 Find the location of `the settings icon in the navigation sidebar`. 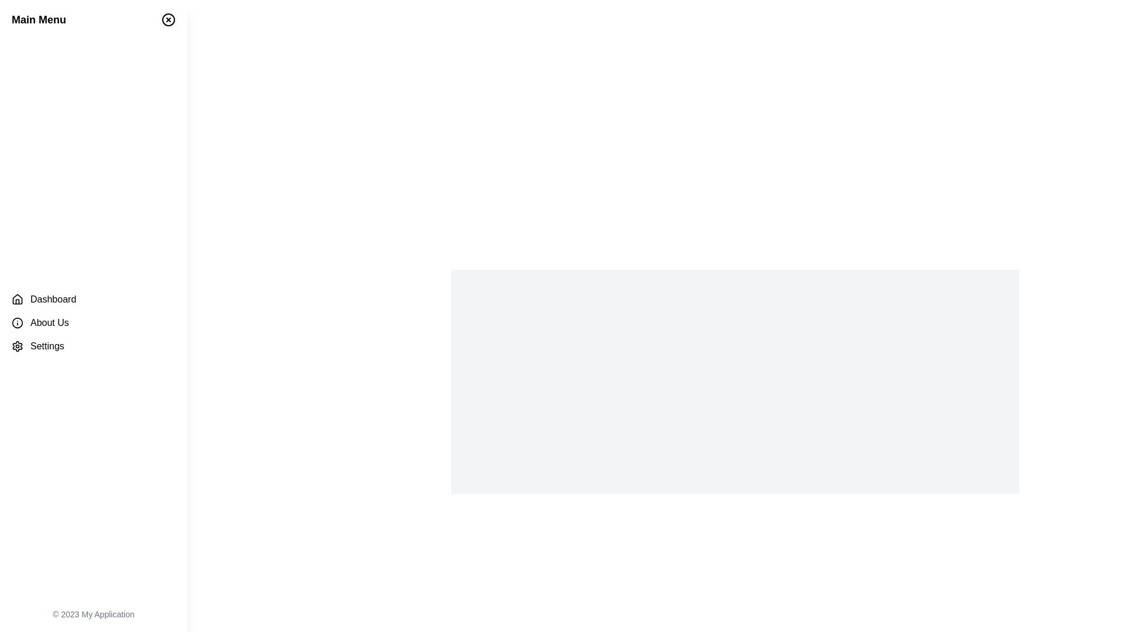

the settings icon in the navigation sidebar is located at coordinates (17, 345).